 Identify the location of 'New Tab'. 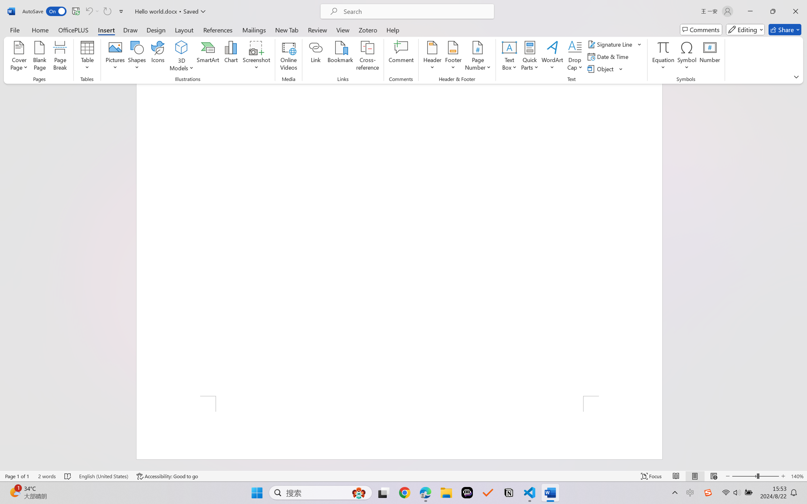
(286, 29).